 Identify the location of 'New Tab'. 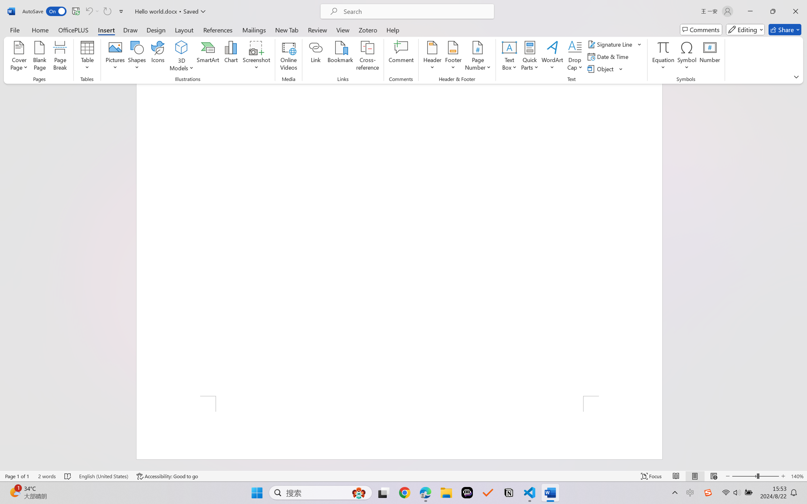
(286, 29).